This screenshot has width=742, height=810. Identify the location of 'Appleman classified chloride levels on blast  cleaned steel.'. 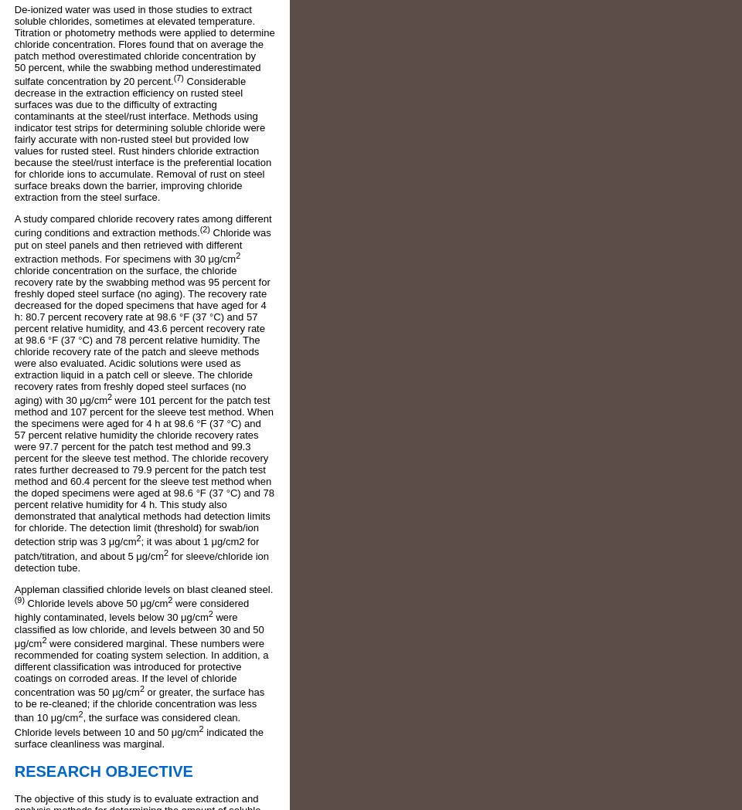
(143, 588).